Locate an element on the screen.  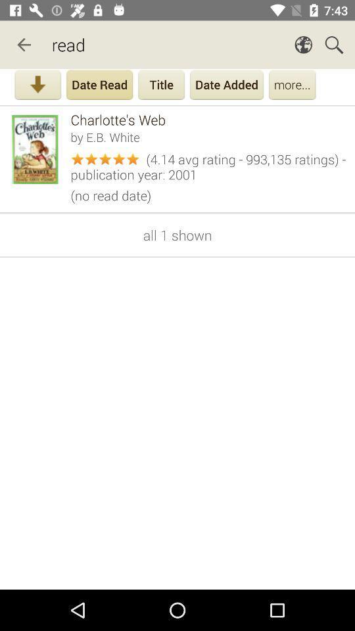
the picture which is below the downside arrow is located at coordinates (37, 149).